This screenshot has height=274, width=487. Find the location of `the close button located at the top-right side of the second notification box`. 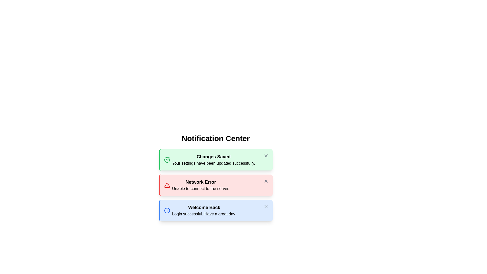

the close button located at the top-right side of the second notification box is located at coordinates (266, 181).